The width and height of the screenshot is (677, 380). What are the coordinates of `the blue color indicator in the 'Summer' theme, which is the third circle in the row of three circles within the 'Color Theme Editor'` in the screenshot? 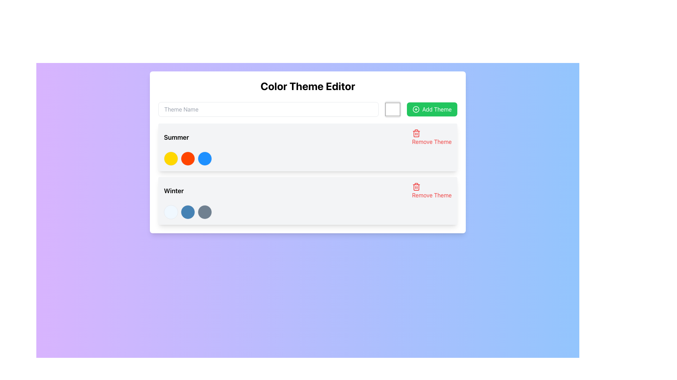 It's located at (204, 159).